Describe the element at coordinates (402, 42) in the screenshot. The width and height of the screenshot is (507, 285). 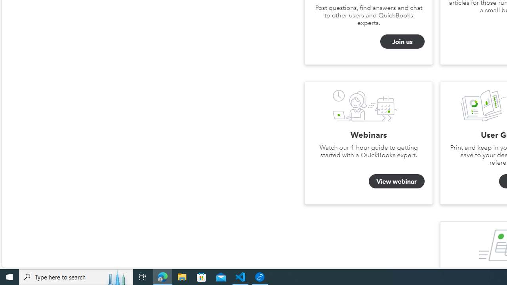
I see `'Join us'` at that location.